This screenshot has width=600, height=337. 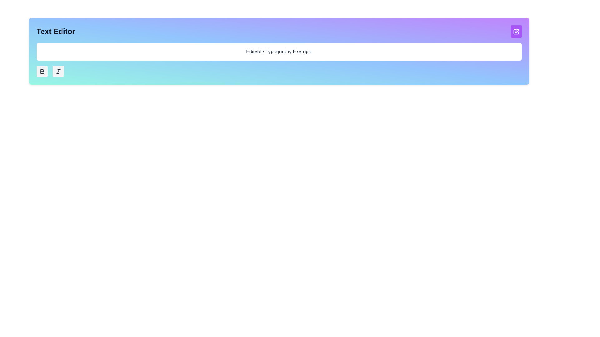 What do you see at coordinates (58, 71) in the screenshot?
I see `the italic icon button, which is a dark gray slanted 'I' symbol within a light gray circular button` at bounding box center [58, 71].